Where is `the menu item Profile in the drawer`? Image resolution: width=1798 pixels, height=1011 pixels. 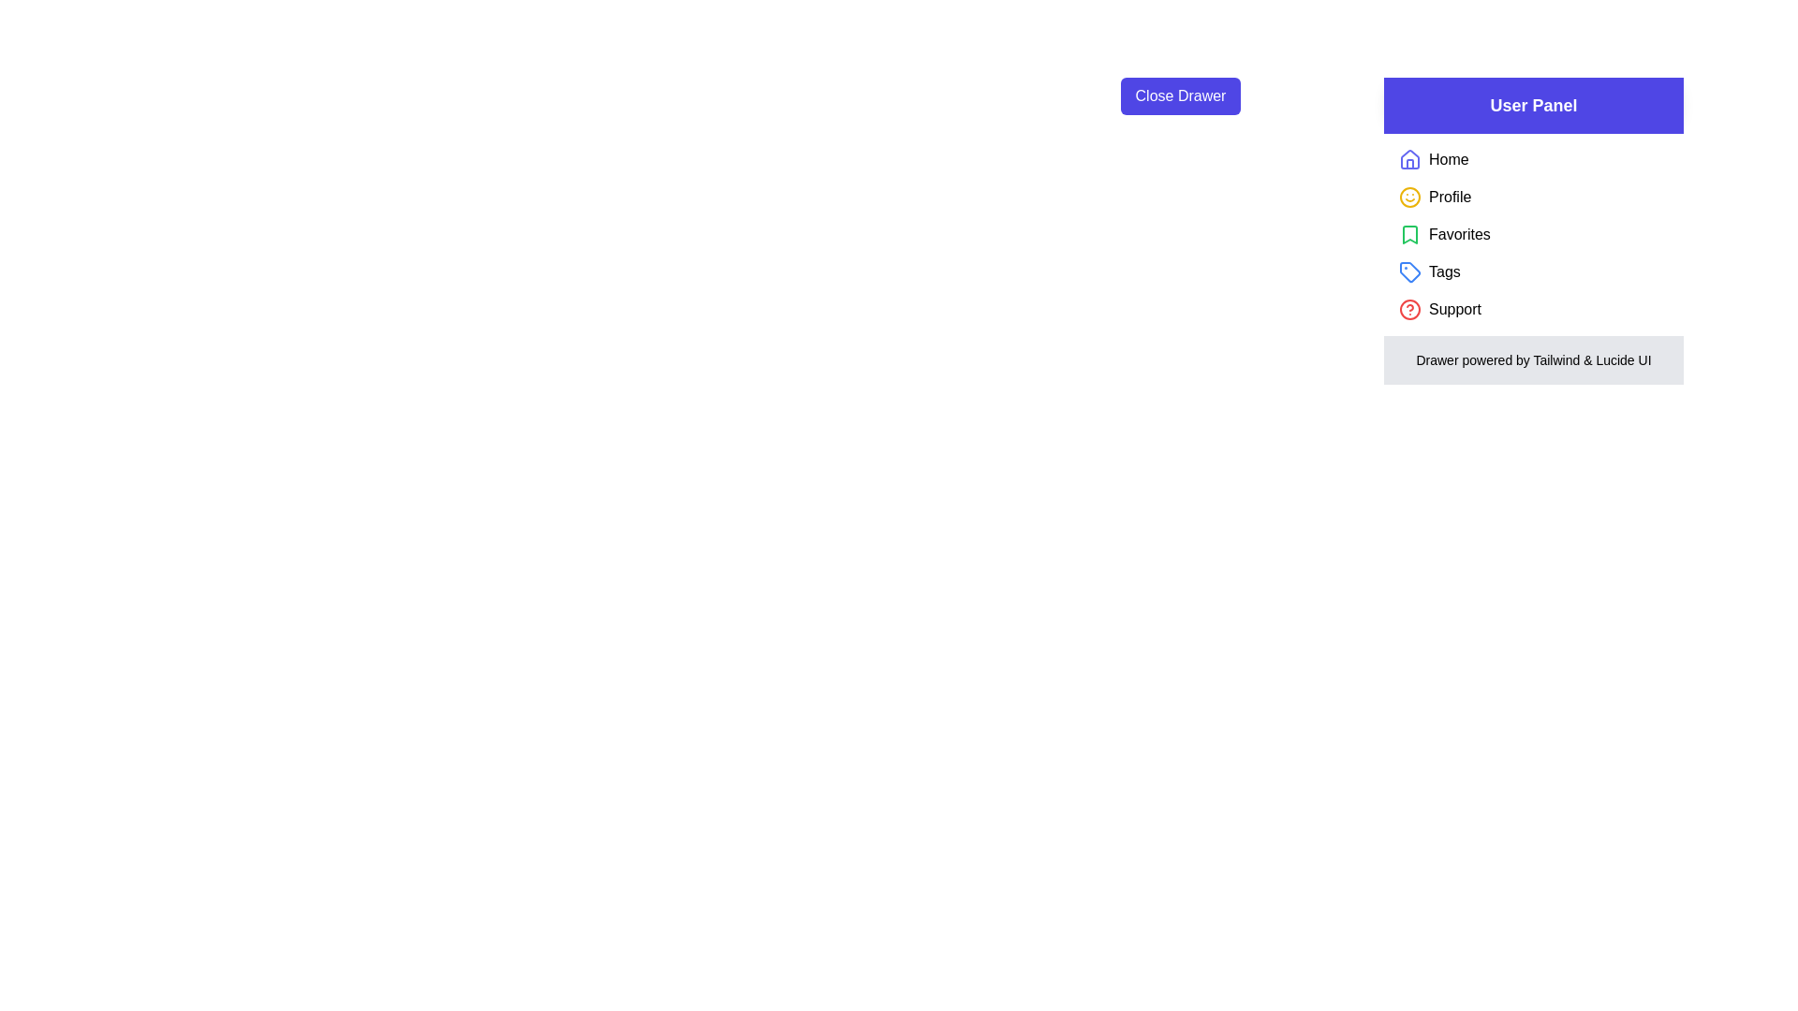 the menu item Profile in the drawer is located at coordinates (1449, 198).